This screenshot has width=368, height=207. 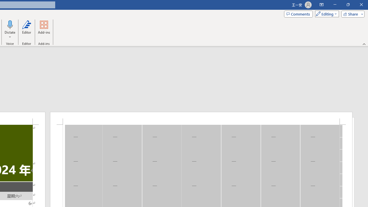 What do you see at coordinates (298, 14) in the screenshot?
I see `'Comments'` at bounding box center [298, 14].